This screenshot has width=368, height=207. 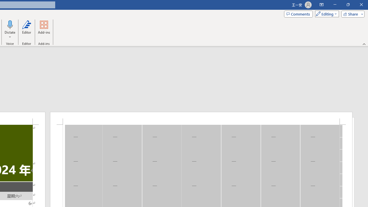 What do you see at coordinates (298, 14) in the screenshot?
I see `'Comments'` at bounding box center [298, 14].